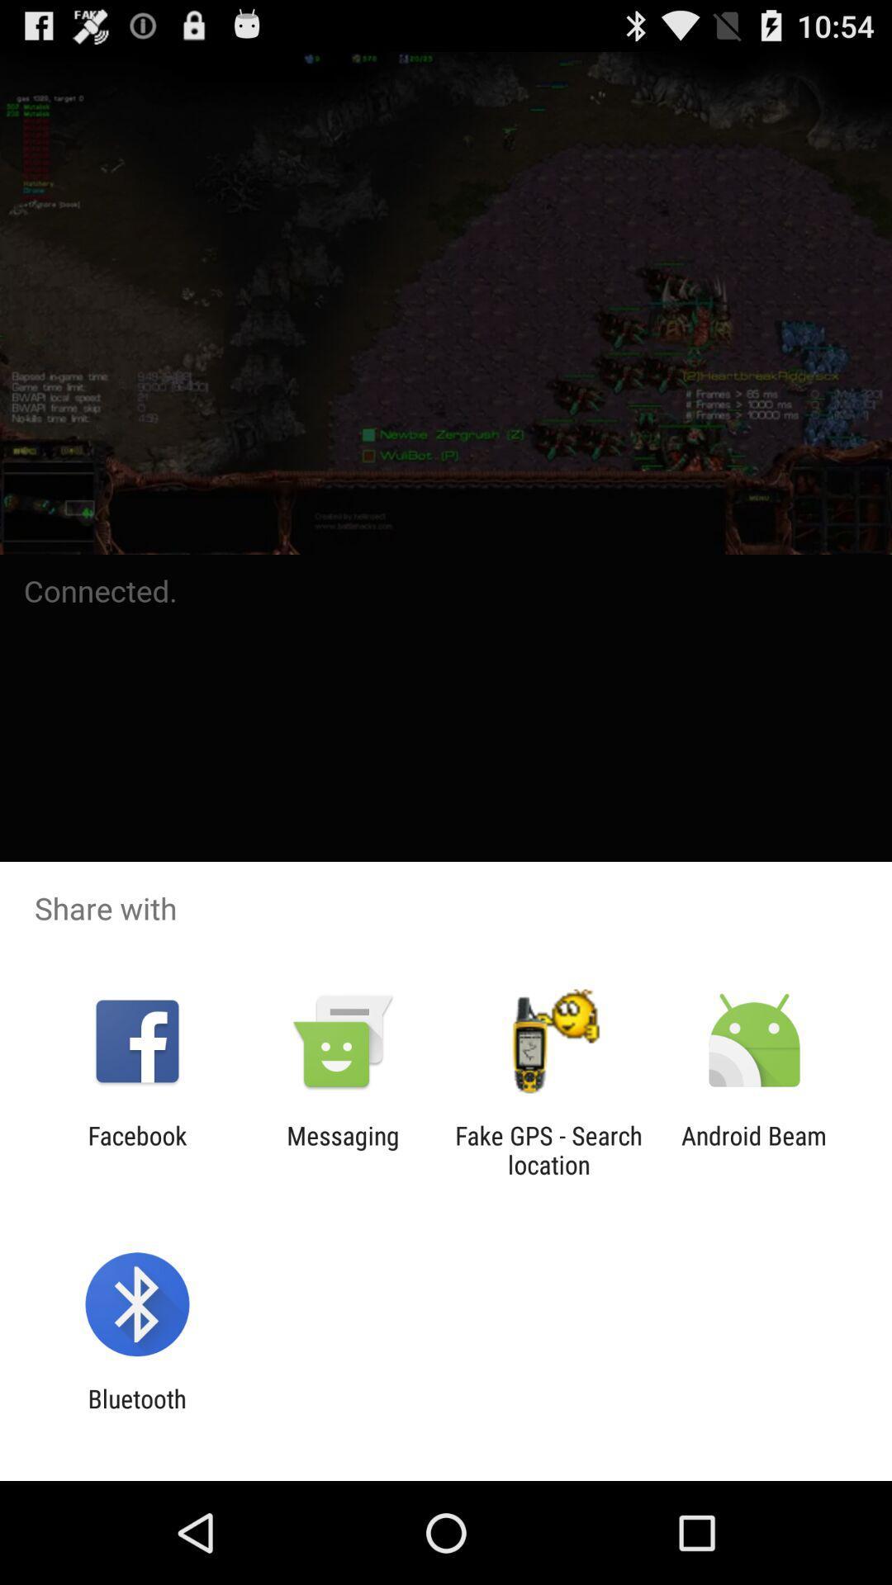 The height and width of the screenshot is (1585, 892). I want to click on item to the left of fake gps search, so click(342, 1149).